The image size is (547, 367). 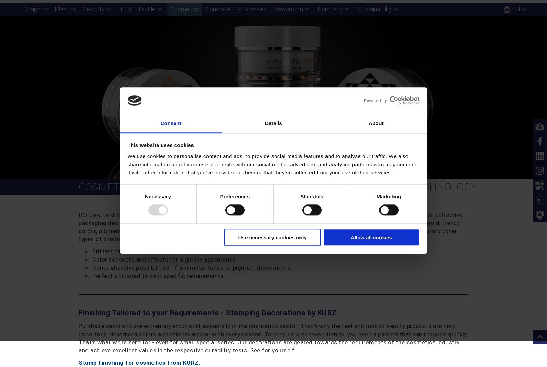 What do you see at coordinates (465, 185) in the screenshot?
I see `'Excellence Award for KURZ'` at bounding box center [465, 185].